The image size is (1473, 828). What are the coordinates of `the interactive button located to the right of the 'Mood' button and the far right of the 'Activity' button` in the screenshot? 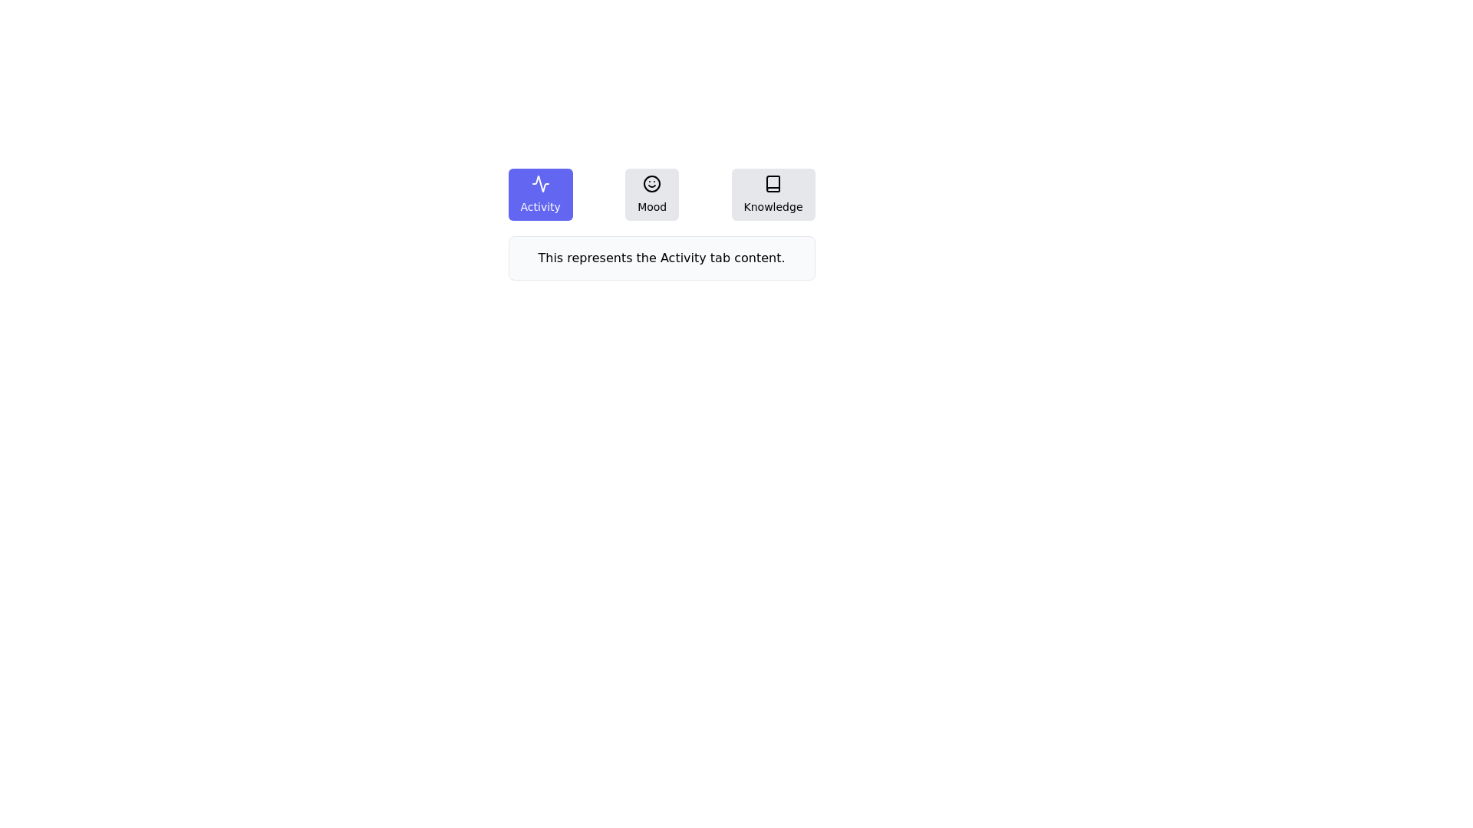 It's located at (773, 194).